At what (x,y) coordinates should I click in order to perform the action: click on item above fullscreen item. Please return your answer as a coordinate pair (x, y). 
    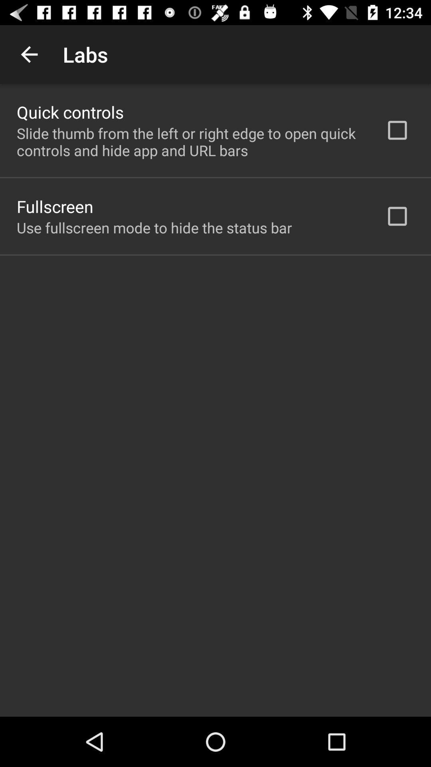
    Looking at the image, I should click on (190, 142).